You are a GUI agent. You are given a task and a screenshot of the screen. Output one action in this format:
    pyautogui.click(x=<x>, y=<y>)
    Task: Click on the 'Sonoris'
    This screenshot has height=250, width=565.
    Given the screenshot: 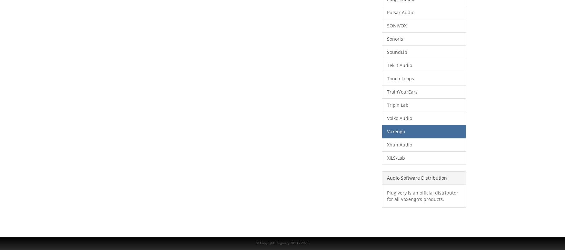 What is the action you would take?
    pyautogui.click(x=394, y=39)
    